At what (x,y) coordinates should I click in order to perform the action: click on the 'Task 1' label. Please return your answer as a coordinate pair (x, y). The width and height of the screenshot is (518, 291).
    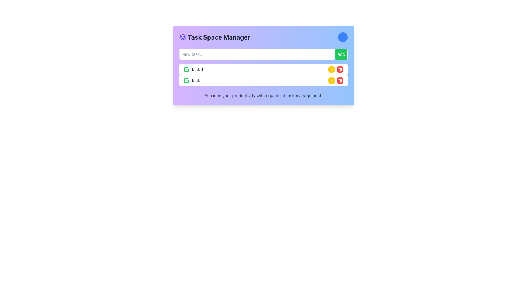
    Looking at the image, I should click on (193, 69).